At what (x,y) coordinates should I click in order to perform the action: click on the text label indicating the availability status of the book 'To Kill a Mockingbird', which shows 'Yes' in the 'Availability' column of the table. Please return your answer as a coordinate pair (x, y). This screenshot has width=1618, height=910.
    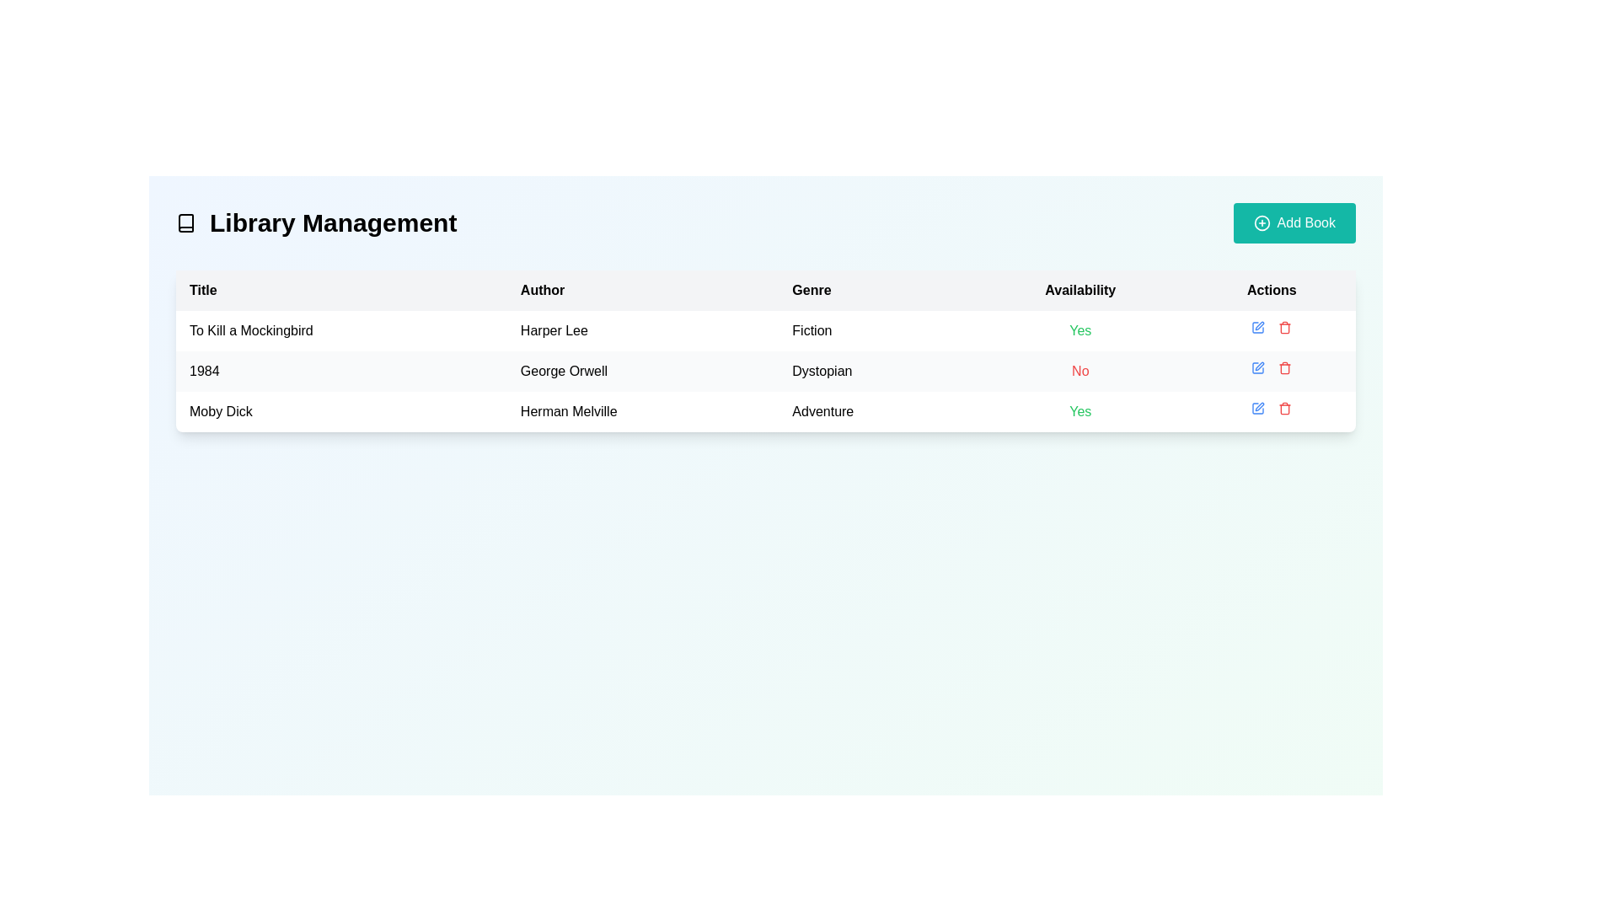
    Looking at the image, I should click on (1080, 331).